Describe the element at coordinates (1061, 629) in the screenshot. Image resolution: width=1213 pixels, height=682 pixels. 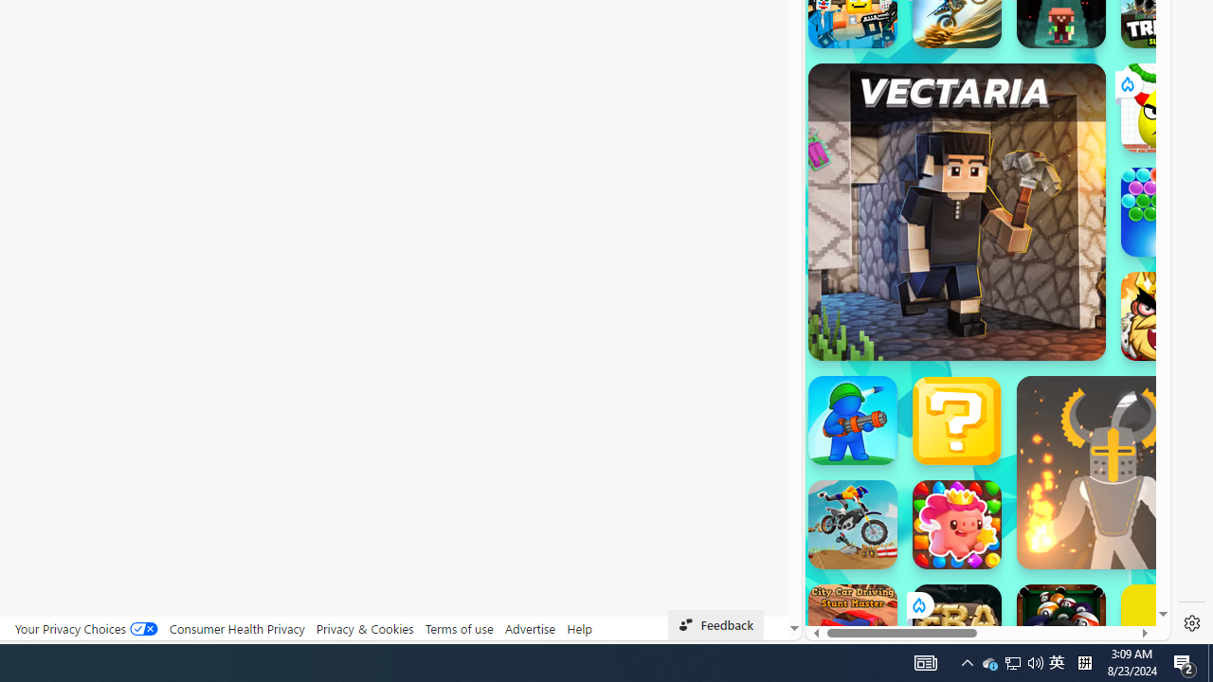
I see `'8 Ball Pool With Buddies'` at that location.